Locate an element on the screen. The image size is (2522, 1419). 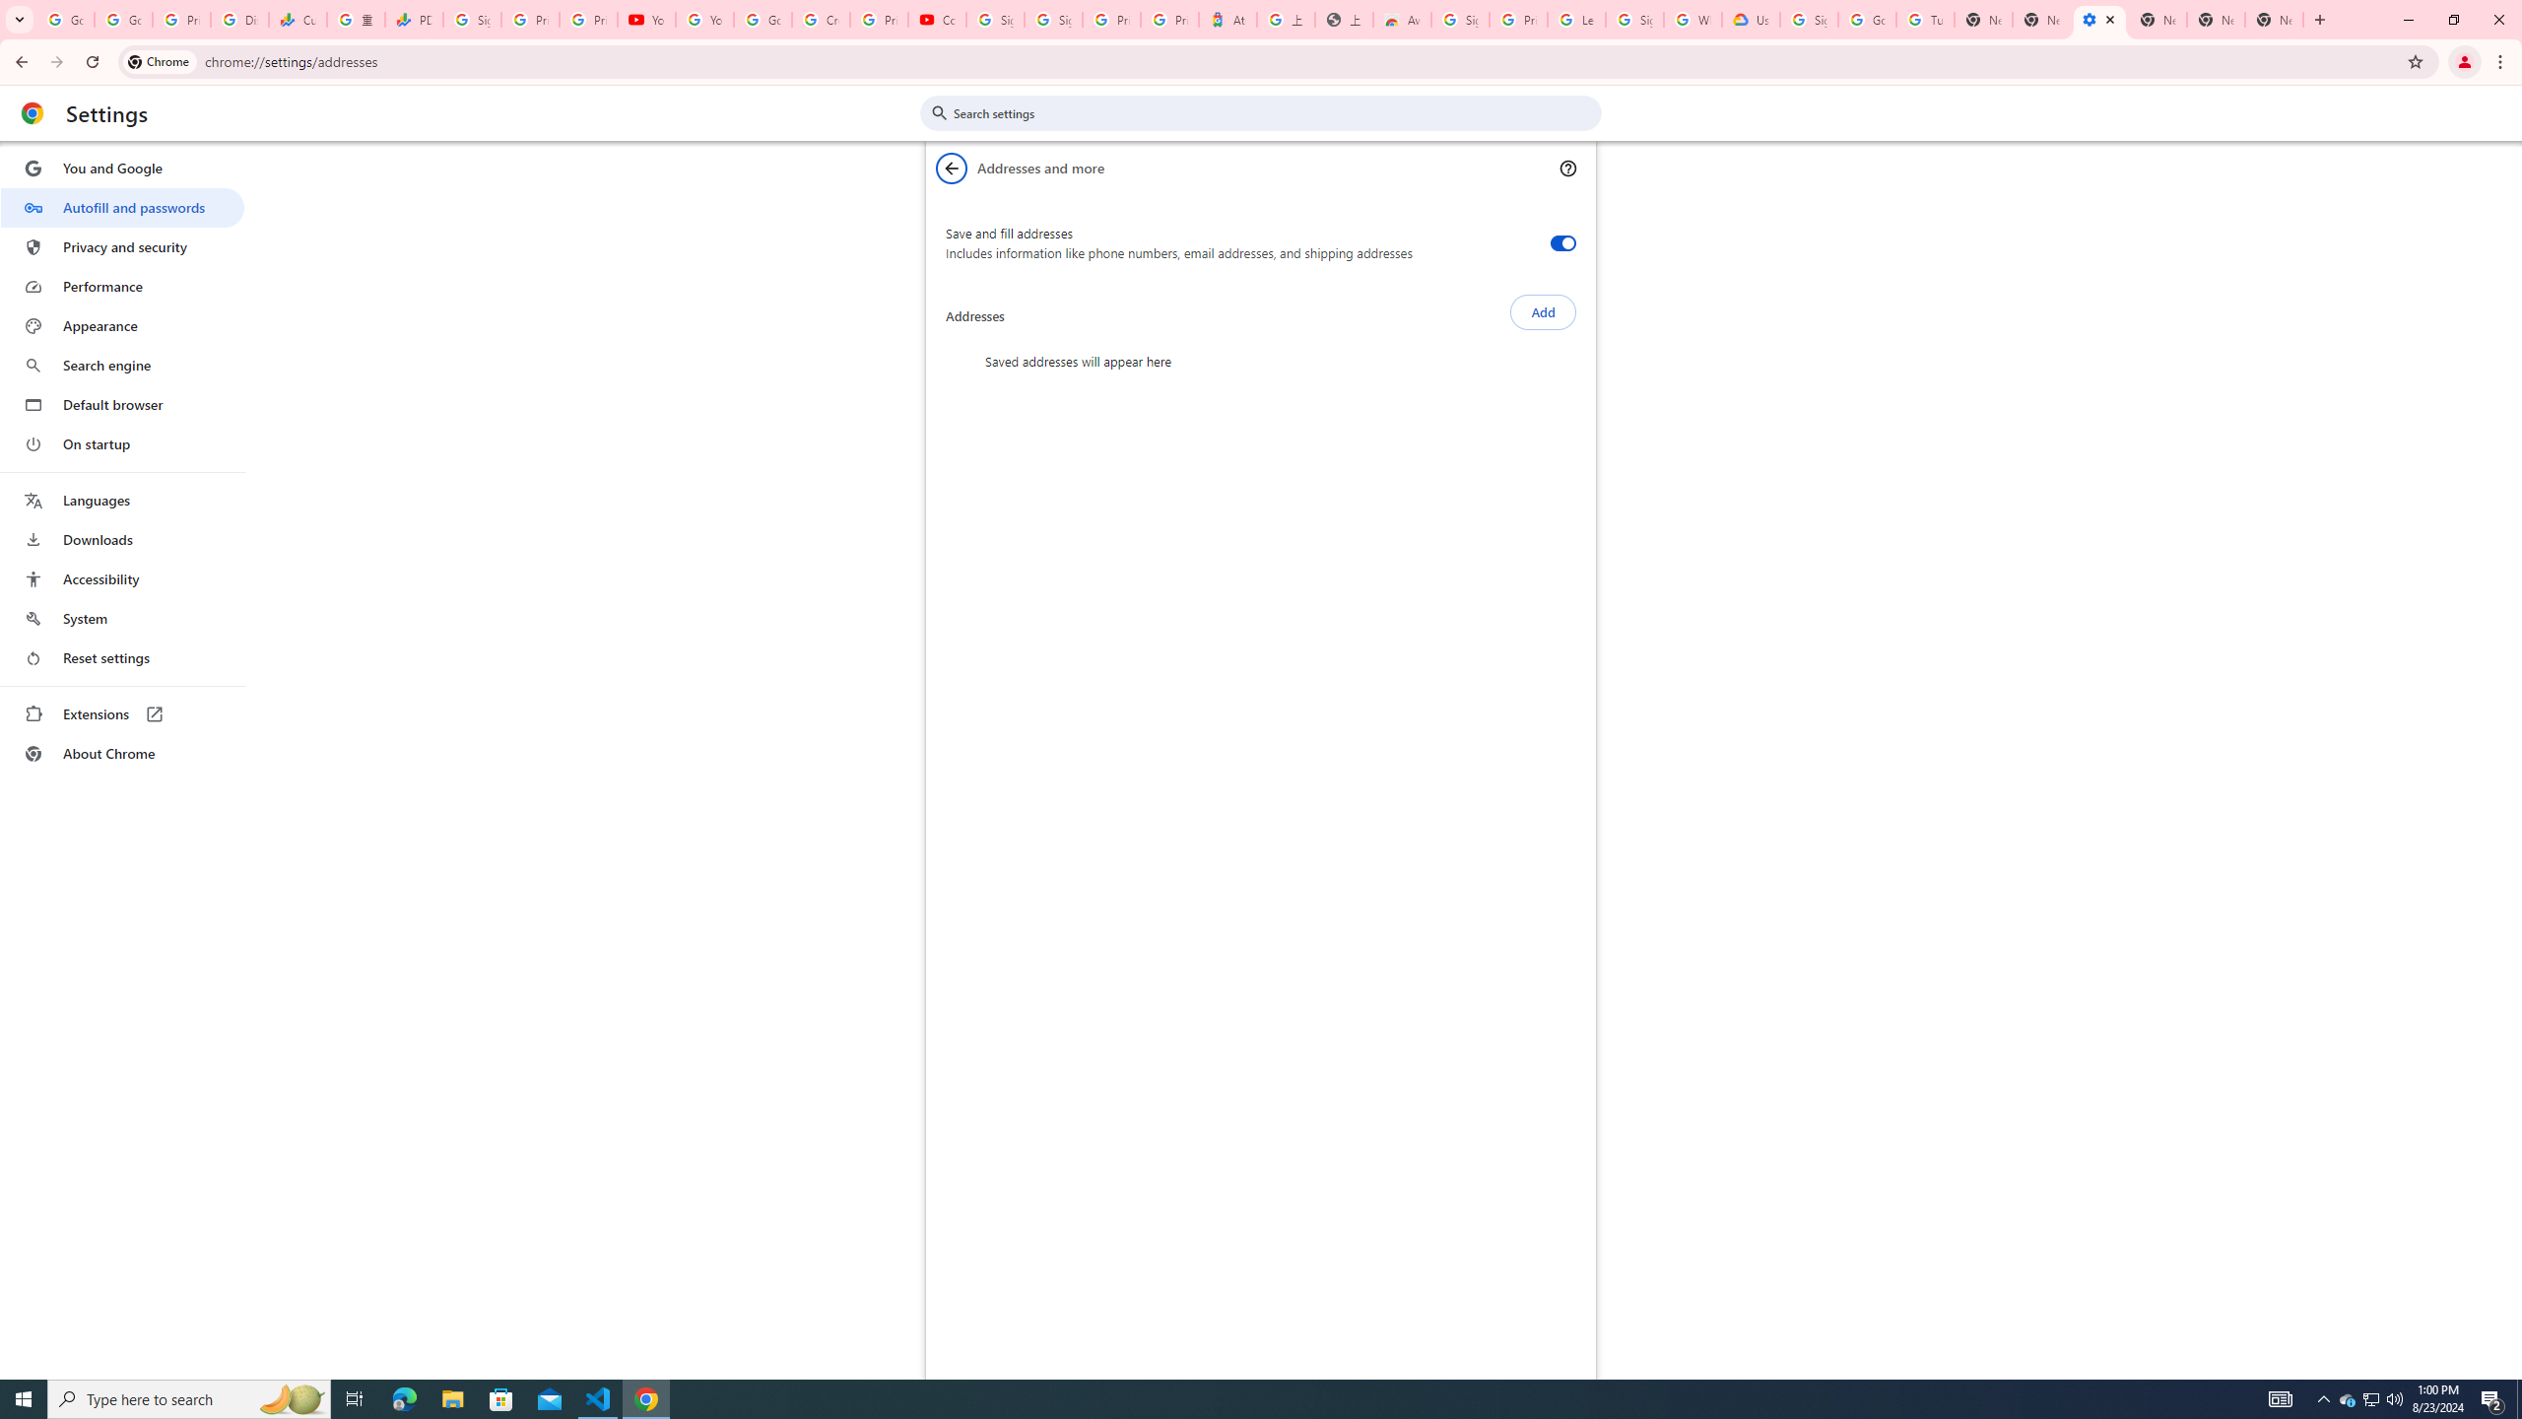
'Settings - Addresses and more' is located at coordinates (2099, 19).